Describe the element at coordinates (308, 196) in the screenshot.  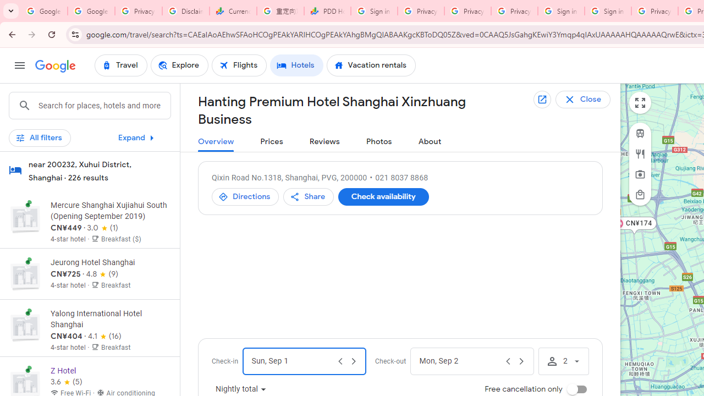
I see `'Share'` at that location.